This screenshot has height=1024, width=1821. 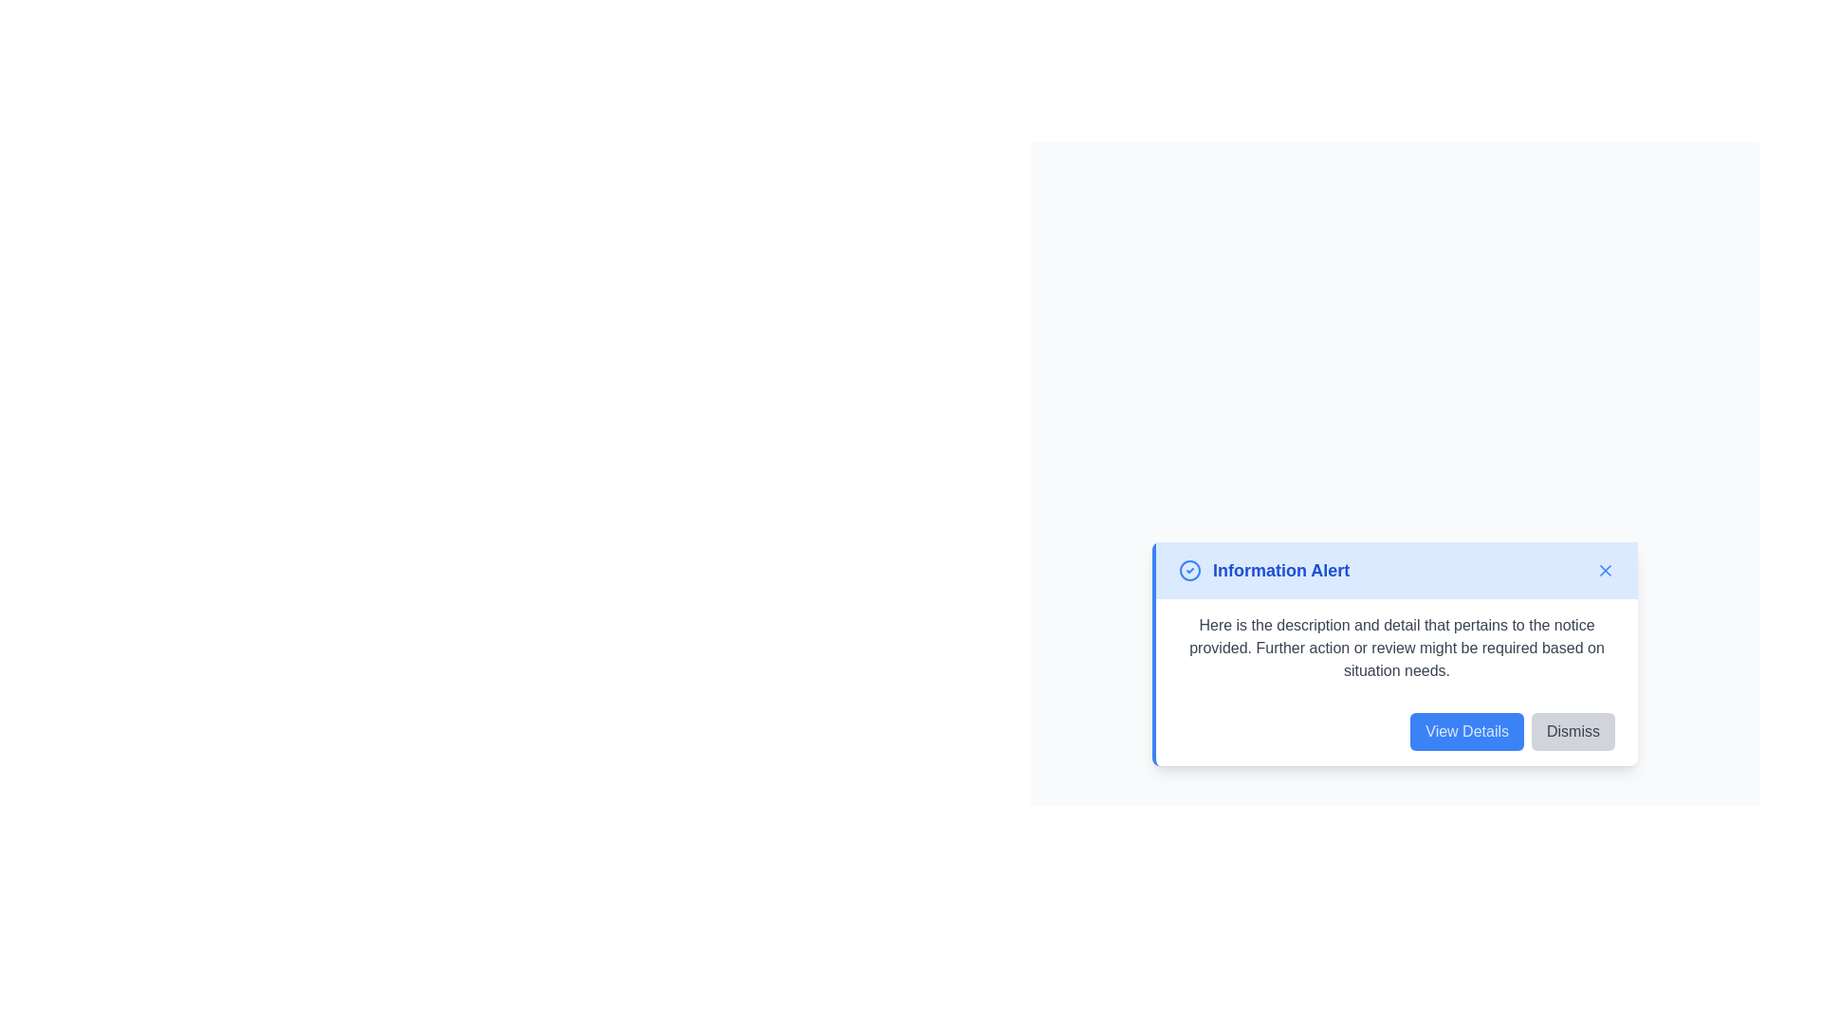 What do you see at coordinates (1573, 730) in the screenshot?
I see `the 'Dismiss' button, which is a rectangular button with rounded corners and a gray background, to change its background color` at bounding box center [1573, 730].